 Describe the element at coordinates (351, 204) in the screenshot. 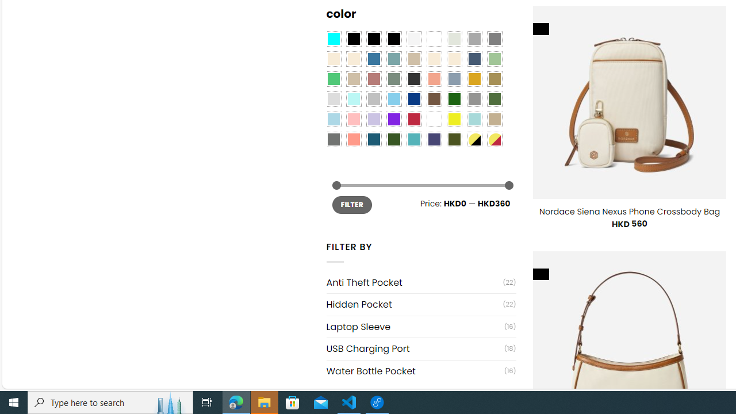

I see `'FILTER'` at that location.